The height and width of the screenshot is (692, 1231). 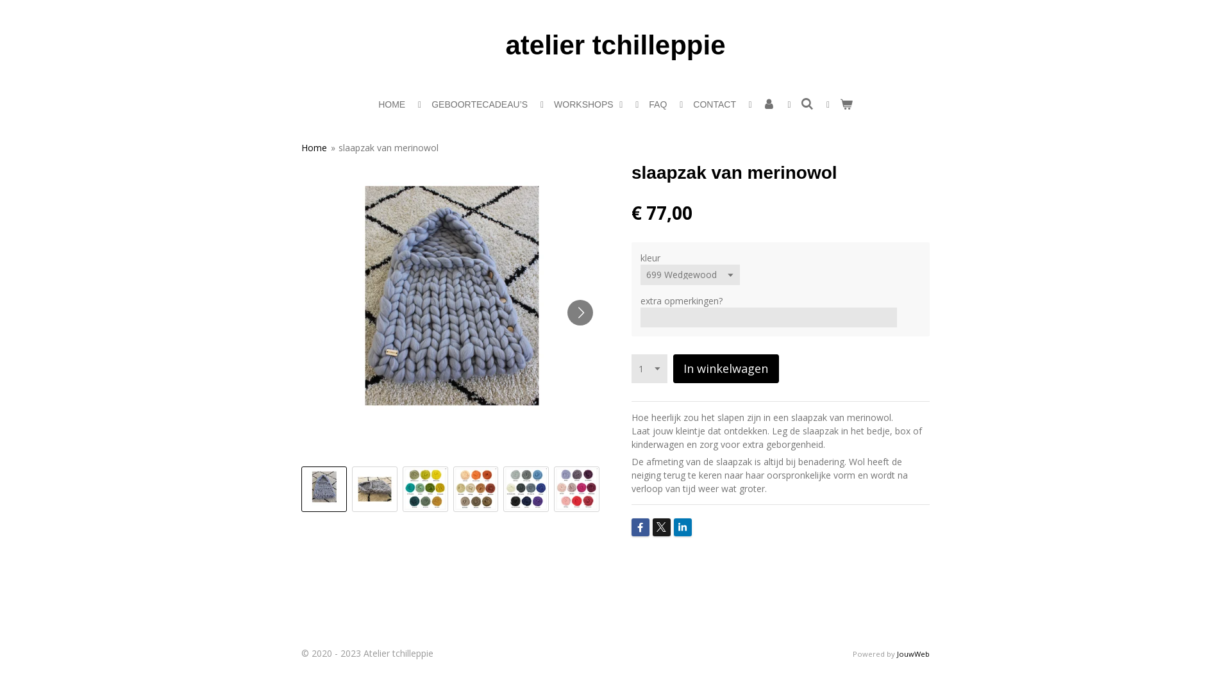 I want to click on 'JouwWeb', so click(x=912, y=654).